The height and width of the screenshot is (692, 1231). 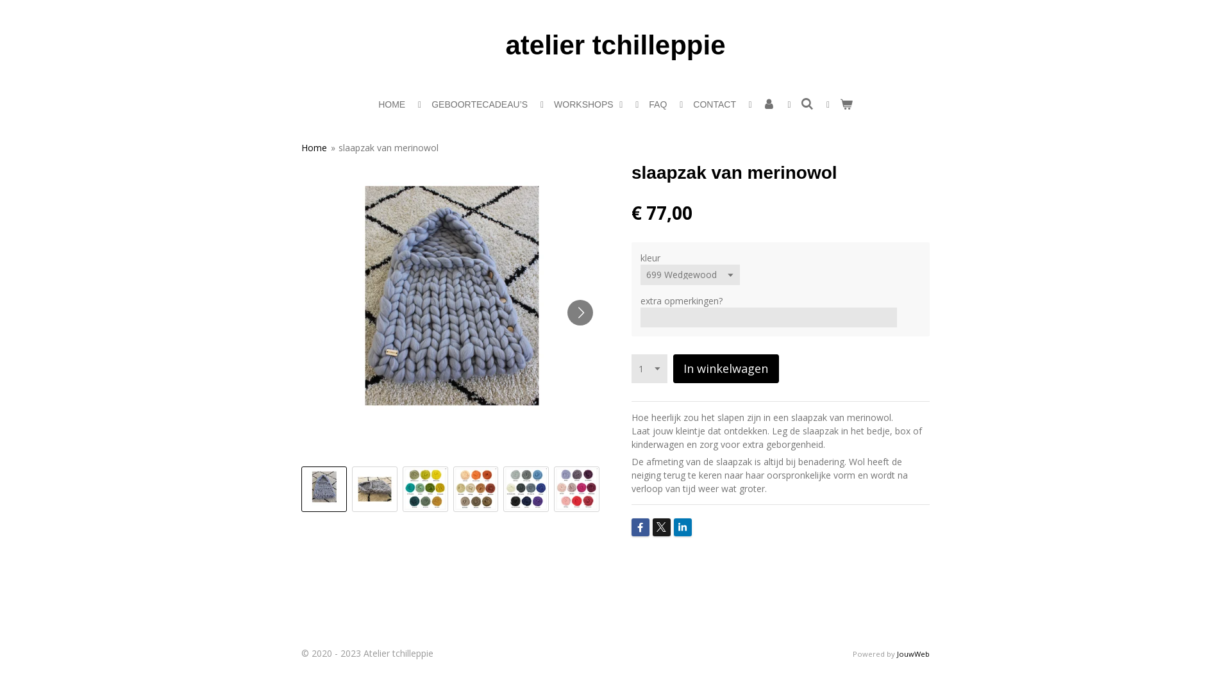 I want to click on 'JouwWeb', so click(x=912, y=654).